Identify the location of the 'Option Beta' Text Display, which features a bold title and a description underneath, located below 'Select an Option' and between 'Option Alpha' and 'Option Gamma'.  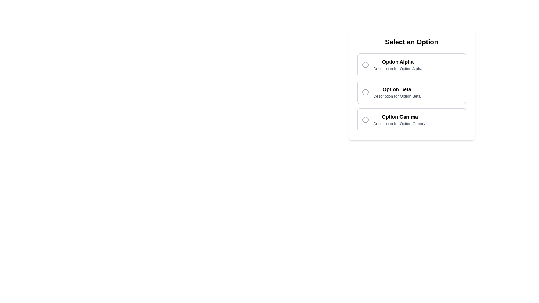
(397, 92).